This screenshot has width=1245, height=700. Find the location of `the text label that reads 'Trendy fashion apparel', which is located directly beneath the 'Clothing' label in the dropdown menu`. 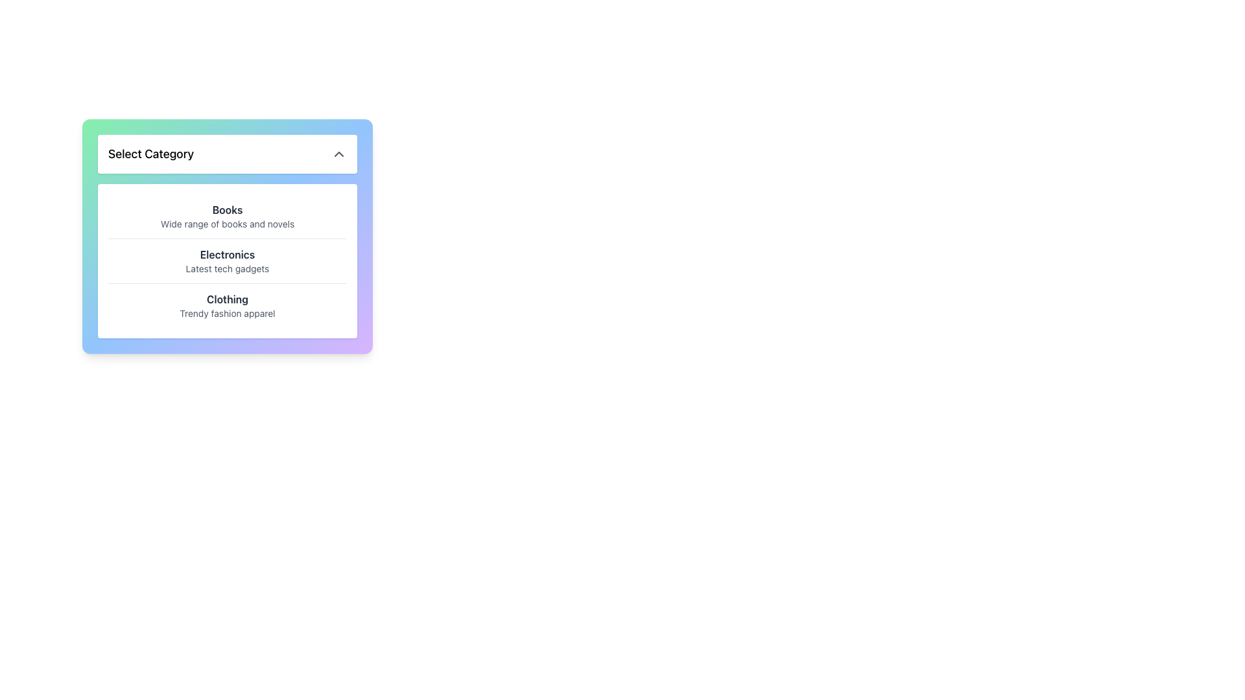

the text label that reads 'Trendy fashion apparel', which is located directly beneath the 'Clothing' label in the dropdown menu is located at coordinates (227, 313).